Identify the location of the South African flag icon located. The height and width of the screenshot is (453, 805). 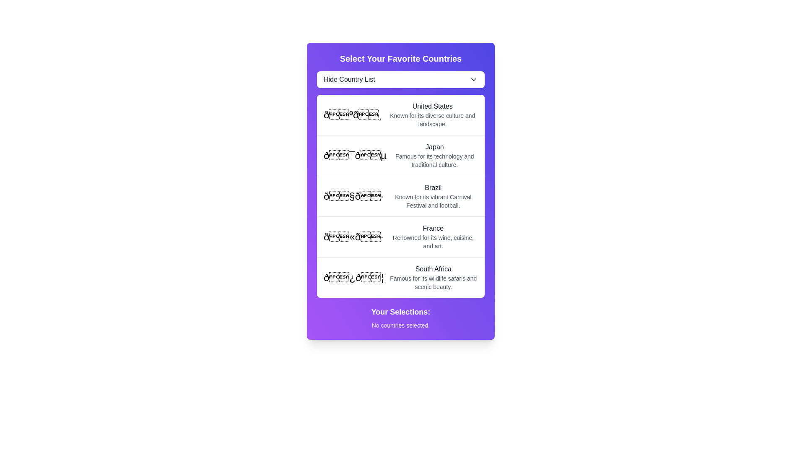
(353, 278).